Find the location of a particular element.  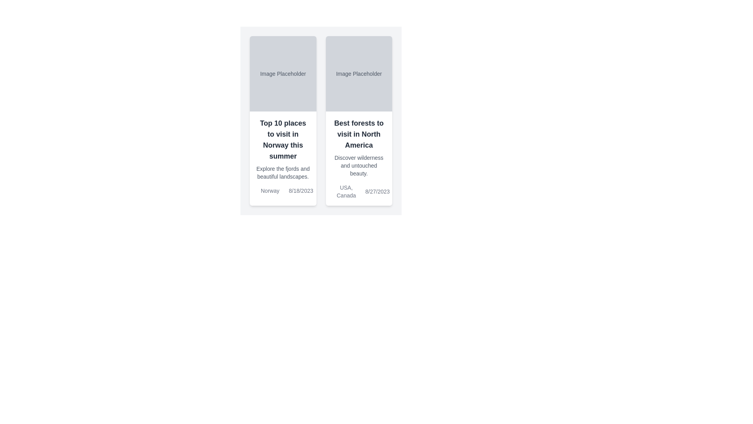

information displayed in the horizontal text bar containing 'Norway' and '8/18/2023' at the lower section of the left card titled 'Top 10 places to visit in Norway this summer' is located at coordinates (282, 191).